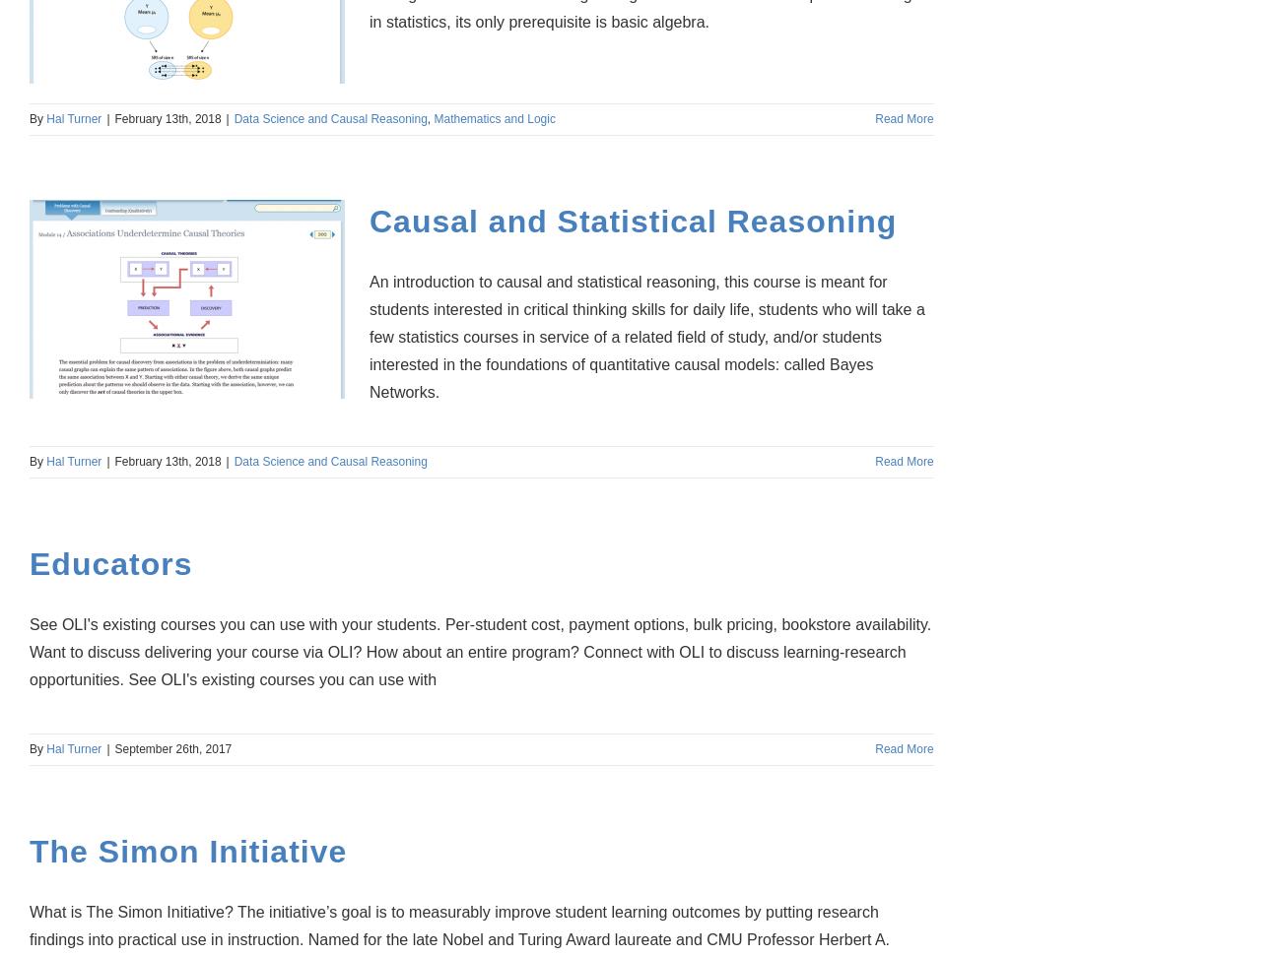 The width and height of the screenshot is (1281, 957). What do you see at coordinates (172, 748) in the screenshot?
I see `'September 26th, 2017'` at bounding box center [172, 748].